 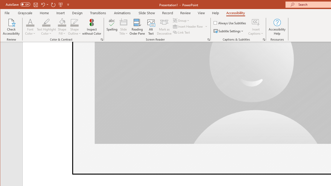 What do you see at coordinates (164, 27) in the screenshot?
I see `'Mark as Decorative'` at bounding box center [164, 27].